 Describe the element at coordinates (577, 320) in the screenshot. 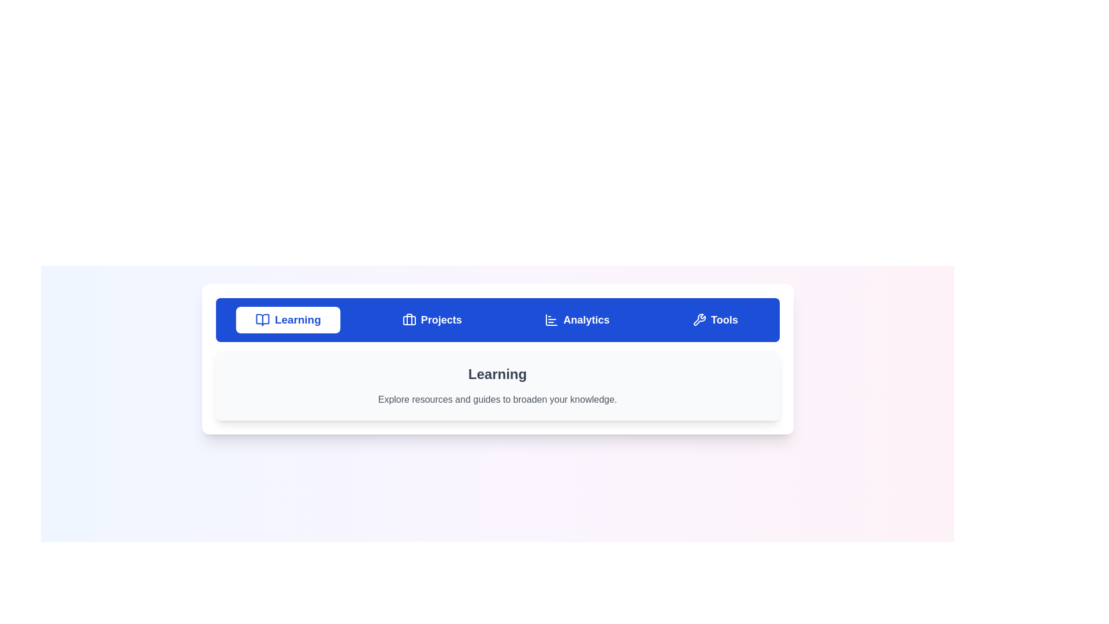

I see `the 'Analytics' button, which is the third button in the horizontal menu with a blue background and white text` at that location.